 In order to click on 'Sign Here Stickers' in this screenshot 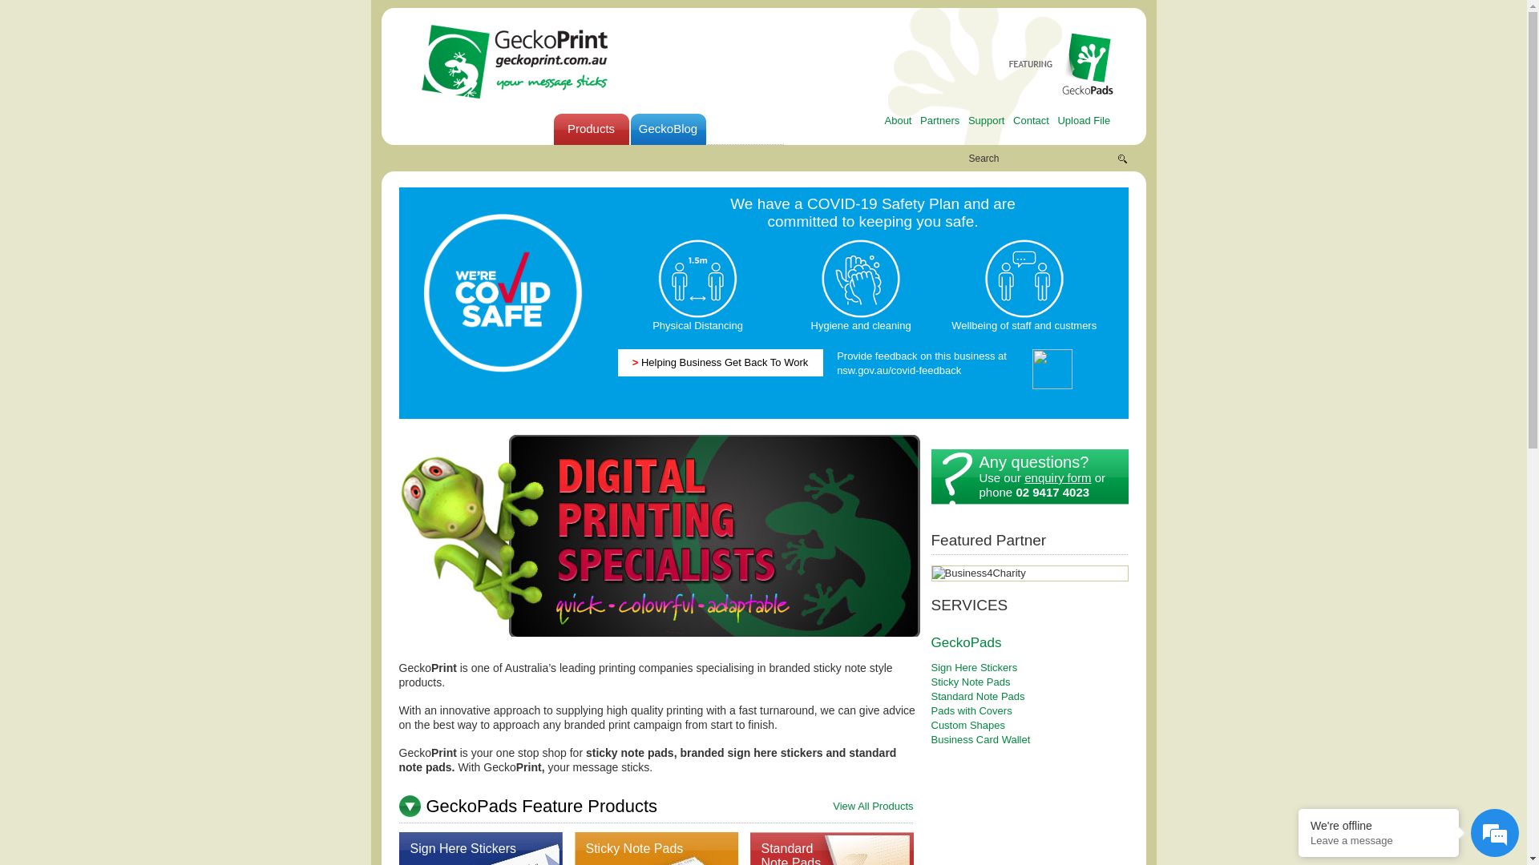, I will do `click(463, 847)`.